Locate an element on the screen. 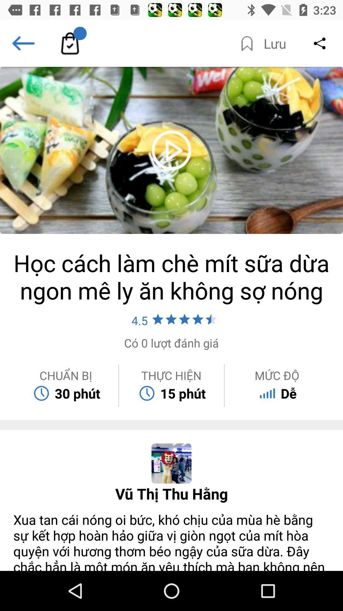 This screenshot has width=343, height=611. the arrow_backward icon is located at coordinates (23, 43).